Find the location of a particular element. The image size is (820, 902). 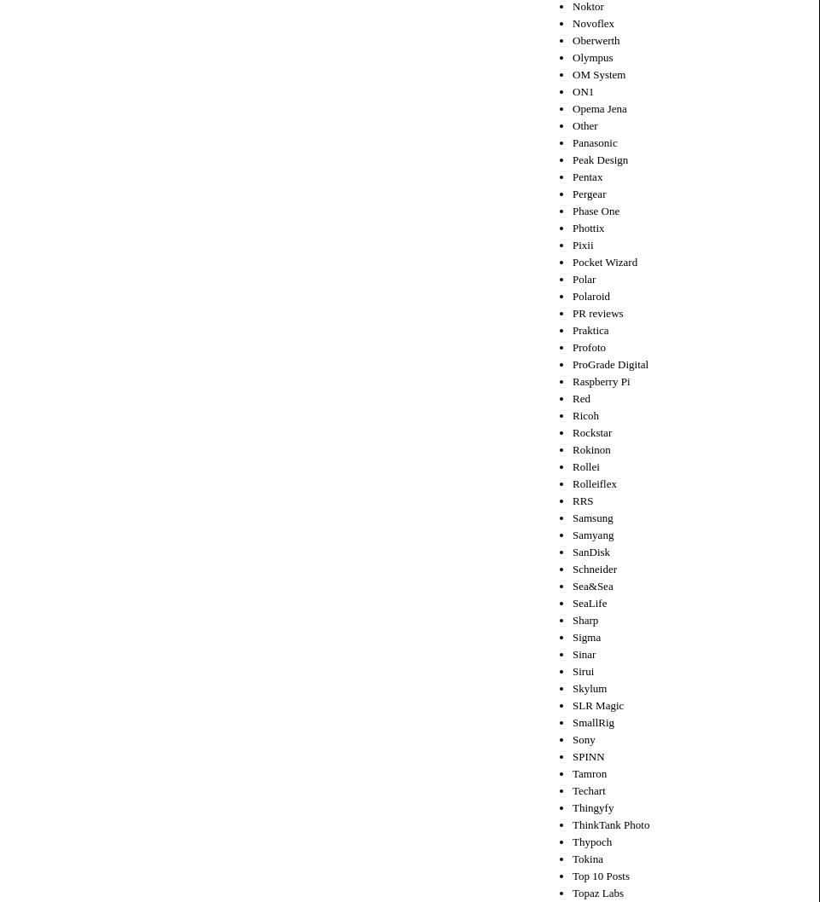

'Sea&Sea' is located at coordinates (591, 584).